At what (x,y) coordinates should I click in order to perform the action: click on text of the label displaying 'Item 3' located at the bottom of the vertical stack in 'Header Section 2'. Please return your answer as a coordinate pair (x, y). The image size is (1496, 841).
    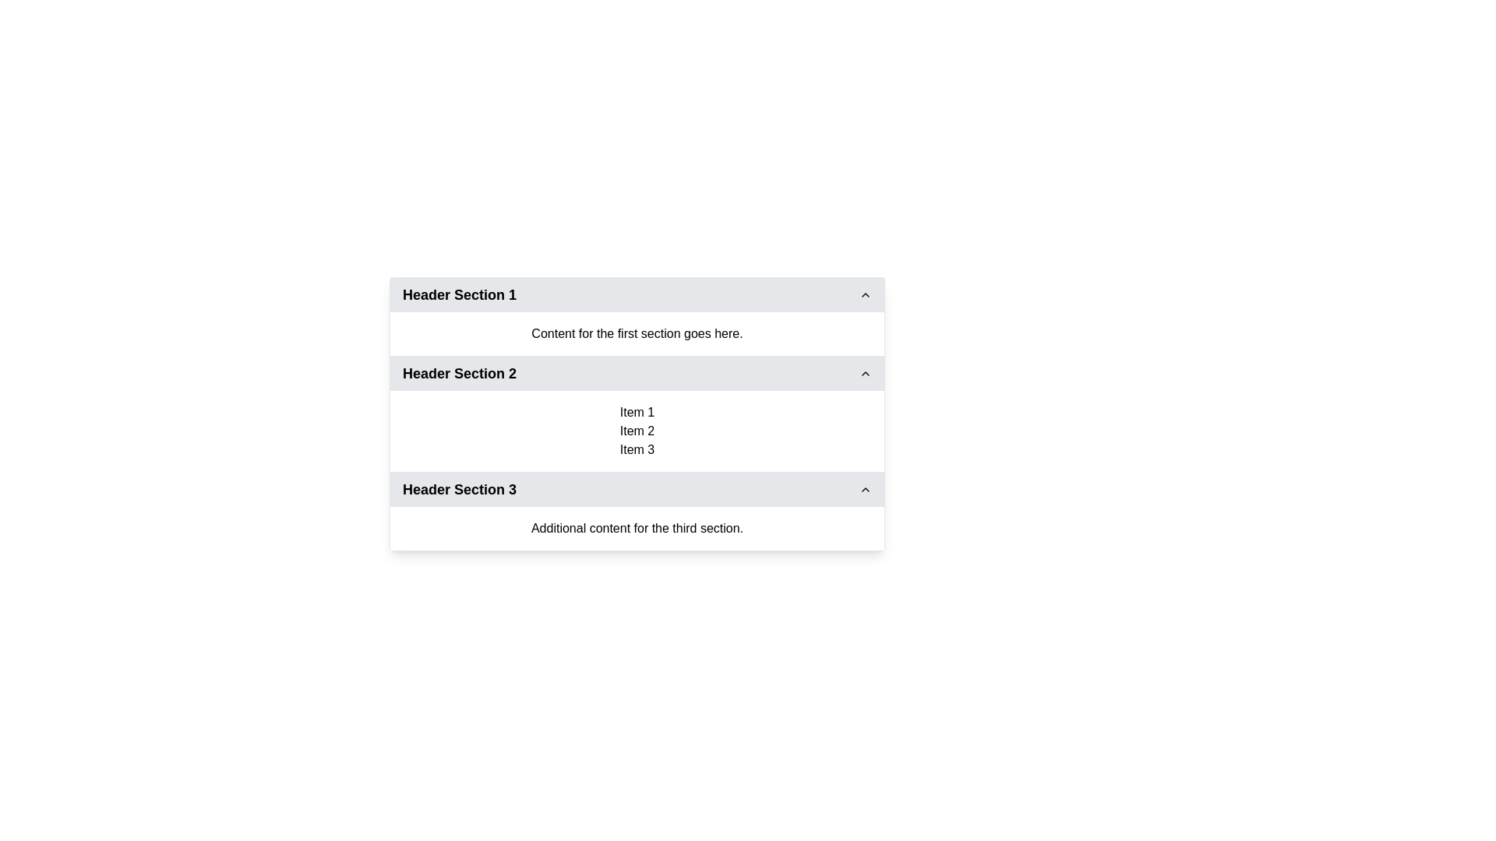
    Looking at the image, I should click on (637, 450).